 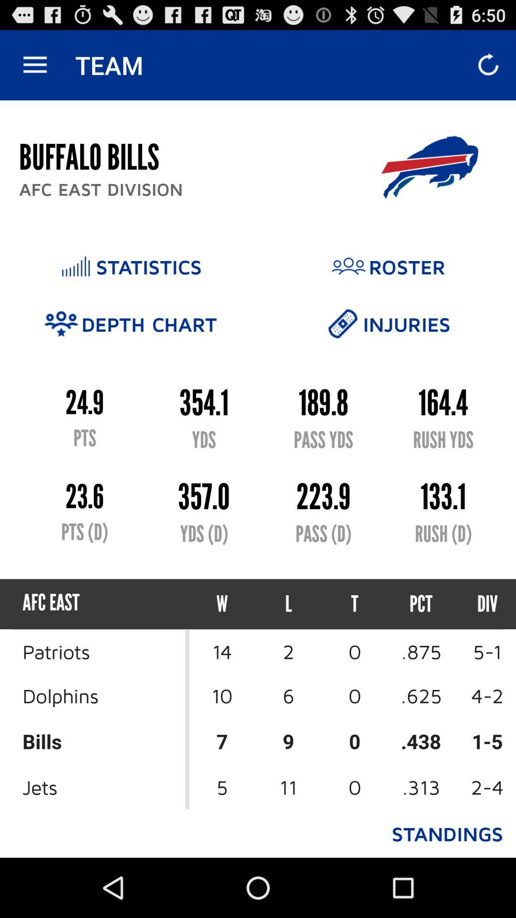 I want to click on the item above the buffalo bills item, so click(x=34, y=65).